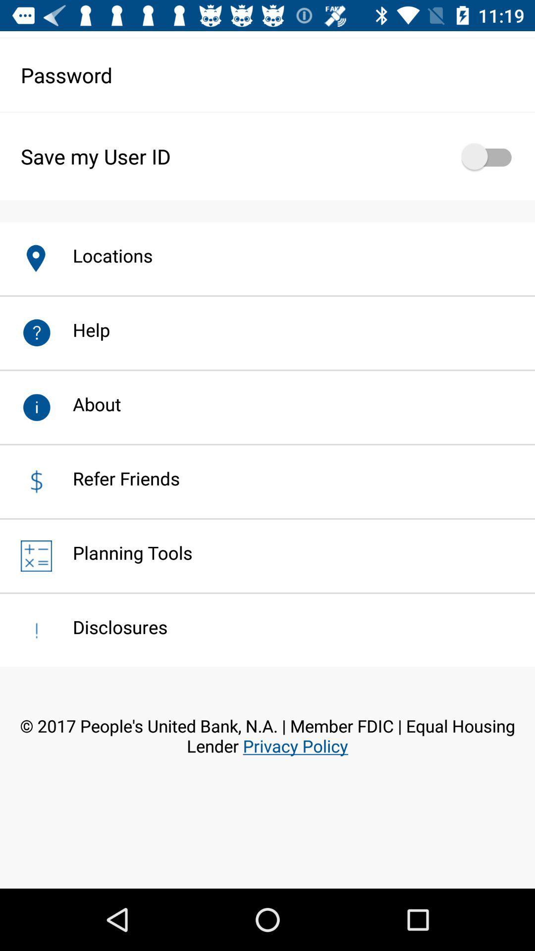  I want to click on the 2017 people s item, so click(267, 752).